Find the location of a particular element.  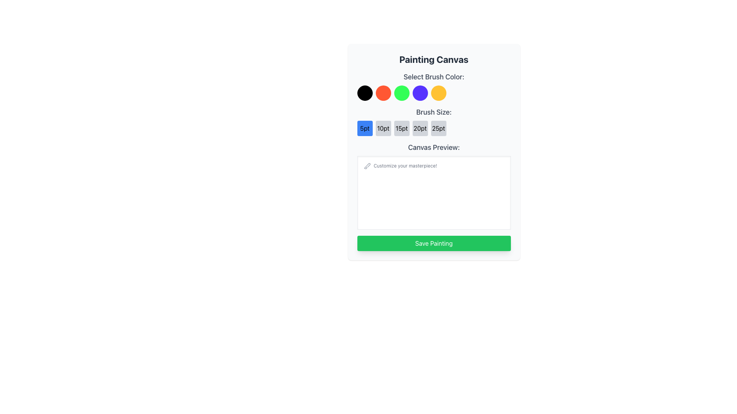

the small grey brush icon located at the upper-left corner of the description box that contains the text 'Customize your masterpiece!' is located at coordinates (367, 165).